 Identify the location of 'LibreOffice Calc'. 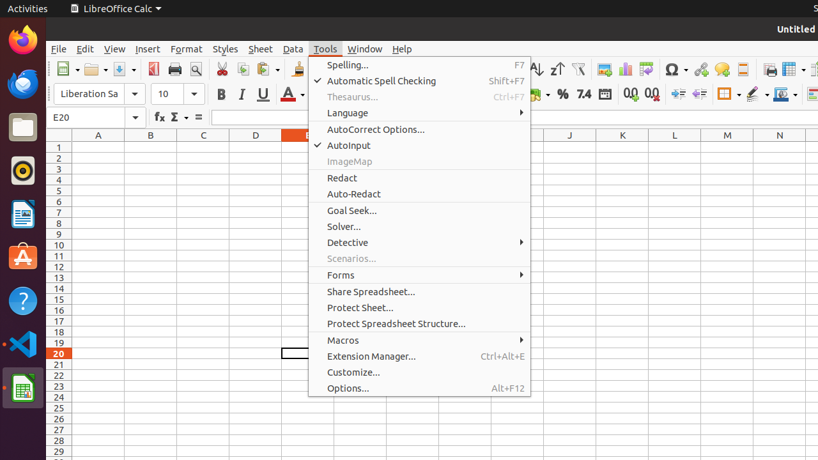
(115, 8).